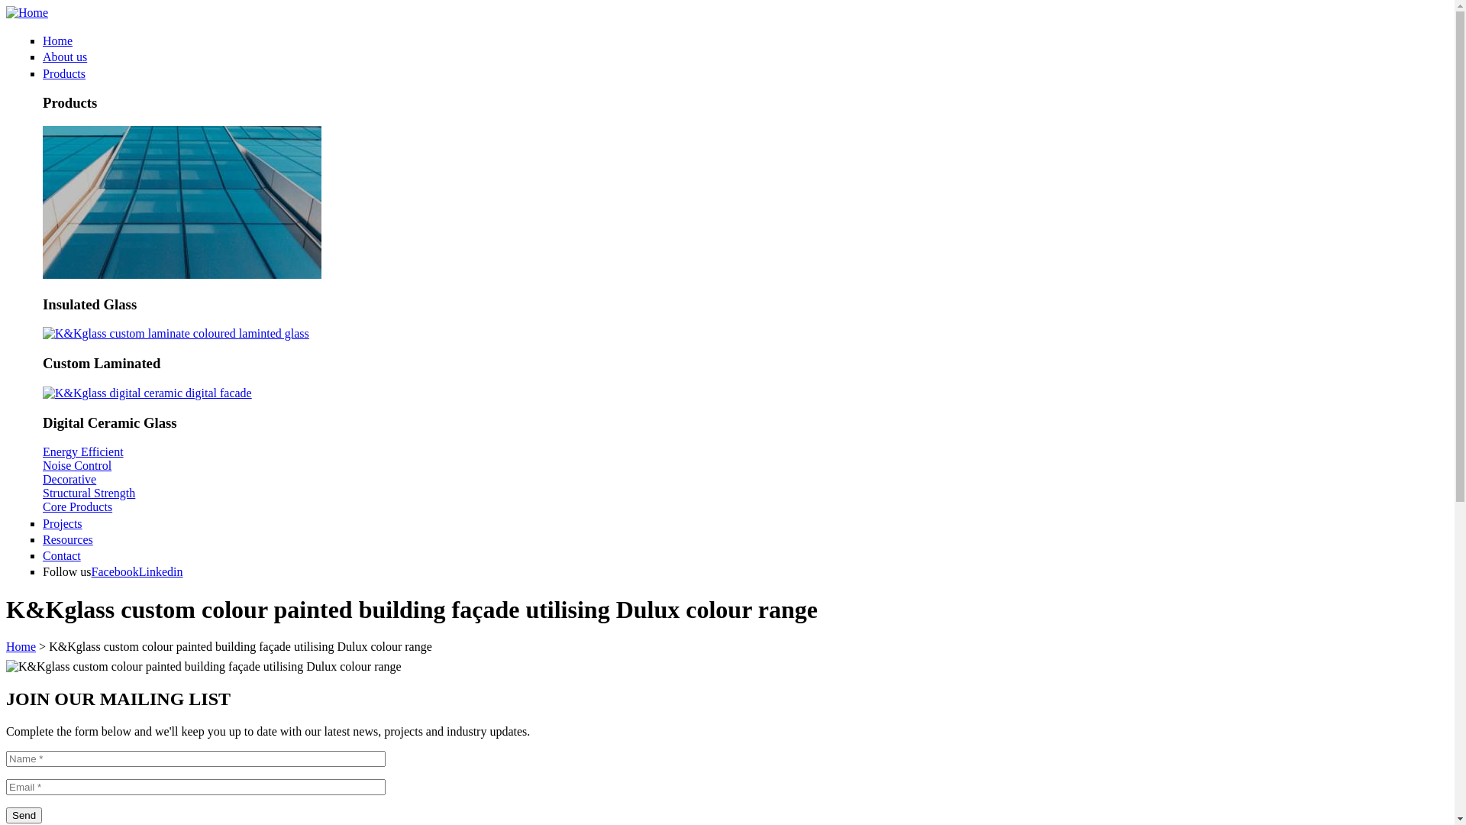  I want to click on 'Facebook', so click(114, 571).